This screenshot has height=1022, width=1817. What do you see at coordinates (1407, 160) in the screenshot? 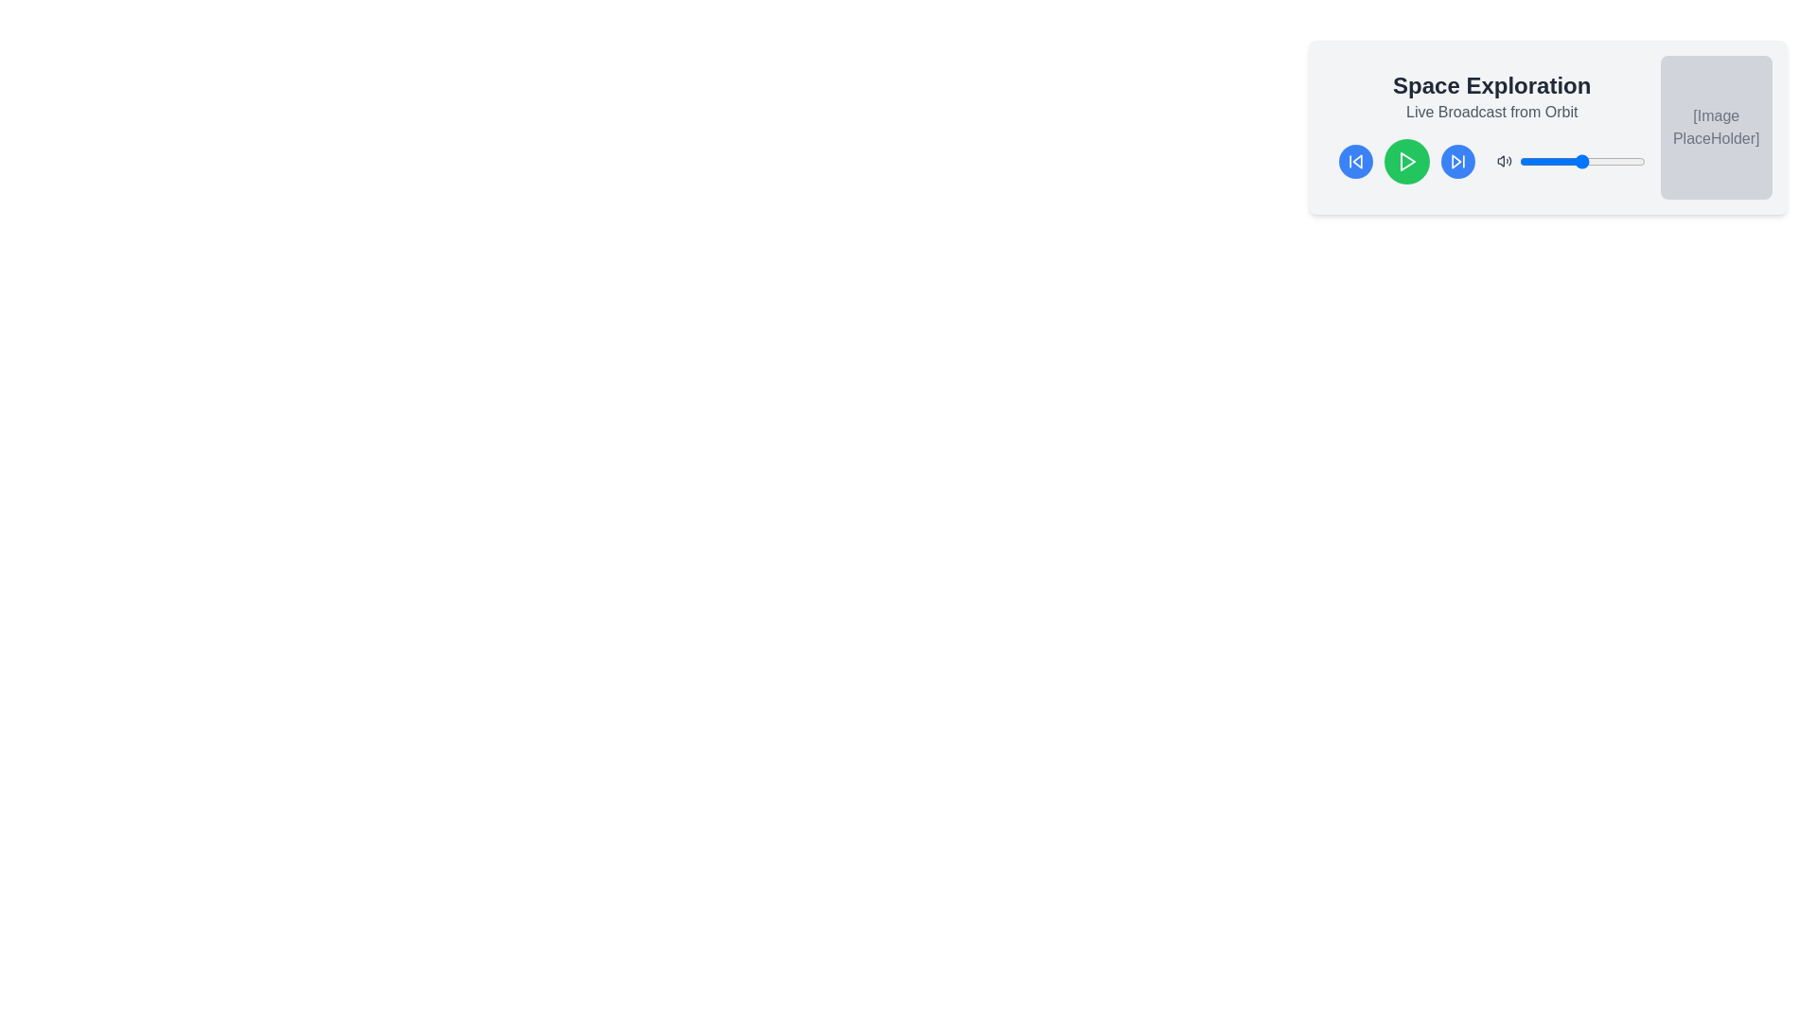
I see `the play button, which is an icon embedded in a central green circular button in the media interface` at bounding box center [1407, 160].